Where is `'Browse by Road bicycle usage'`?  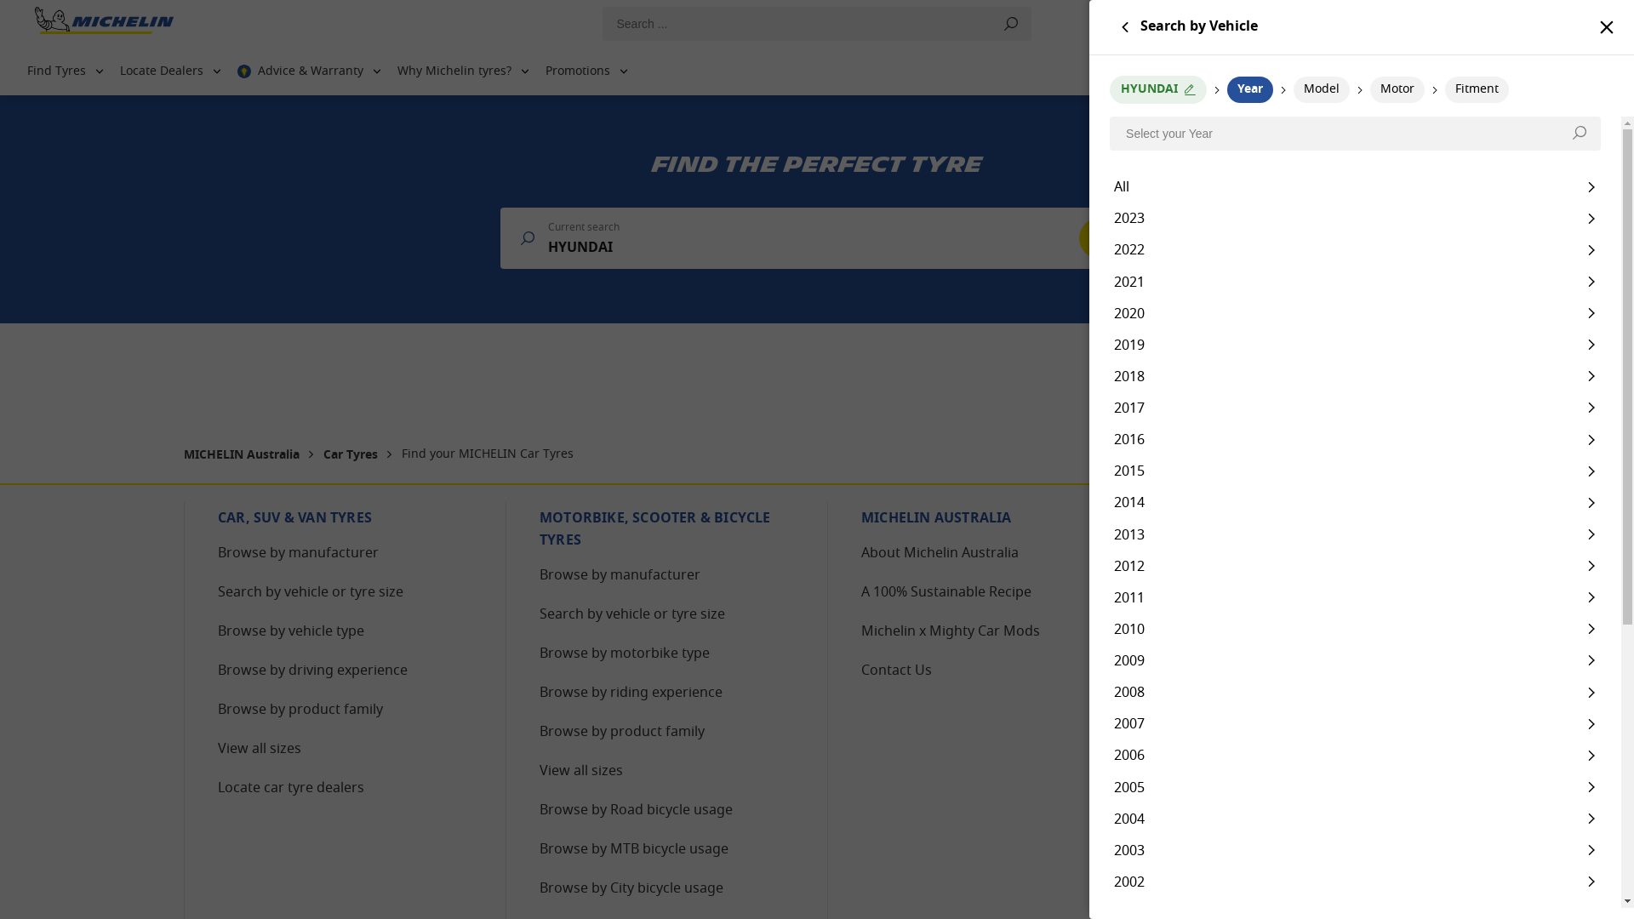 'Browse by Road bicycle usage' is located at coordinates (635, 809).